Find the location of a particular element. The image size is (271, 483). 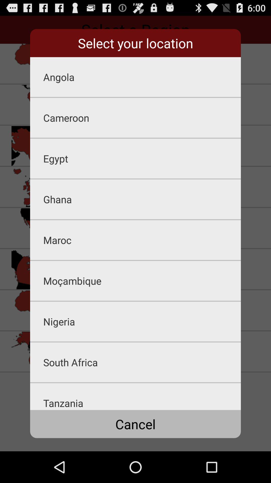

the tanzania is located at coordinates (142, 396).